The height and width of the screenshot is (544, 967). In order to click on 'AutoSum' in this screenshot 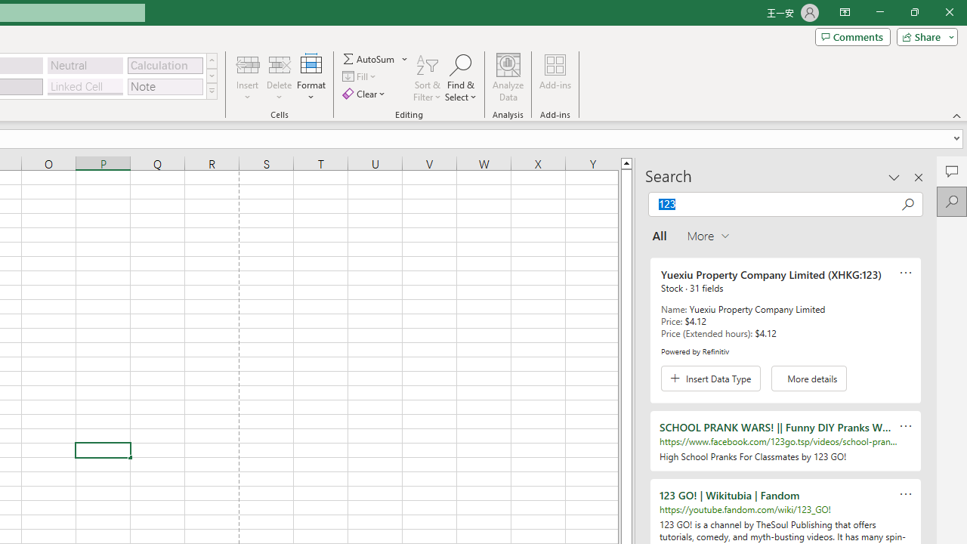, I will do `click(375, 58)`.